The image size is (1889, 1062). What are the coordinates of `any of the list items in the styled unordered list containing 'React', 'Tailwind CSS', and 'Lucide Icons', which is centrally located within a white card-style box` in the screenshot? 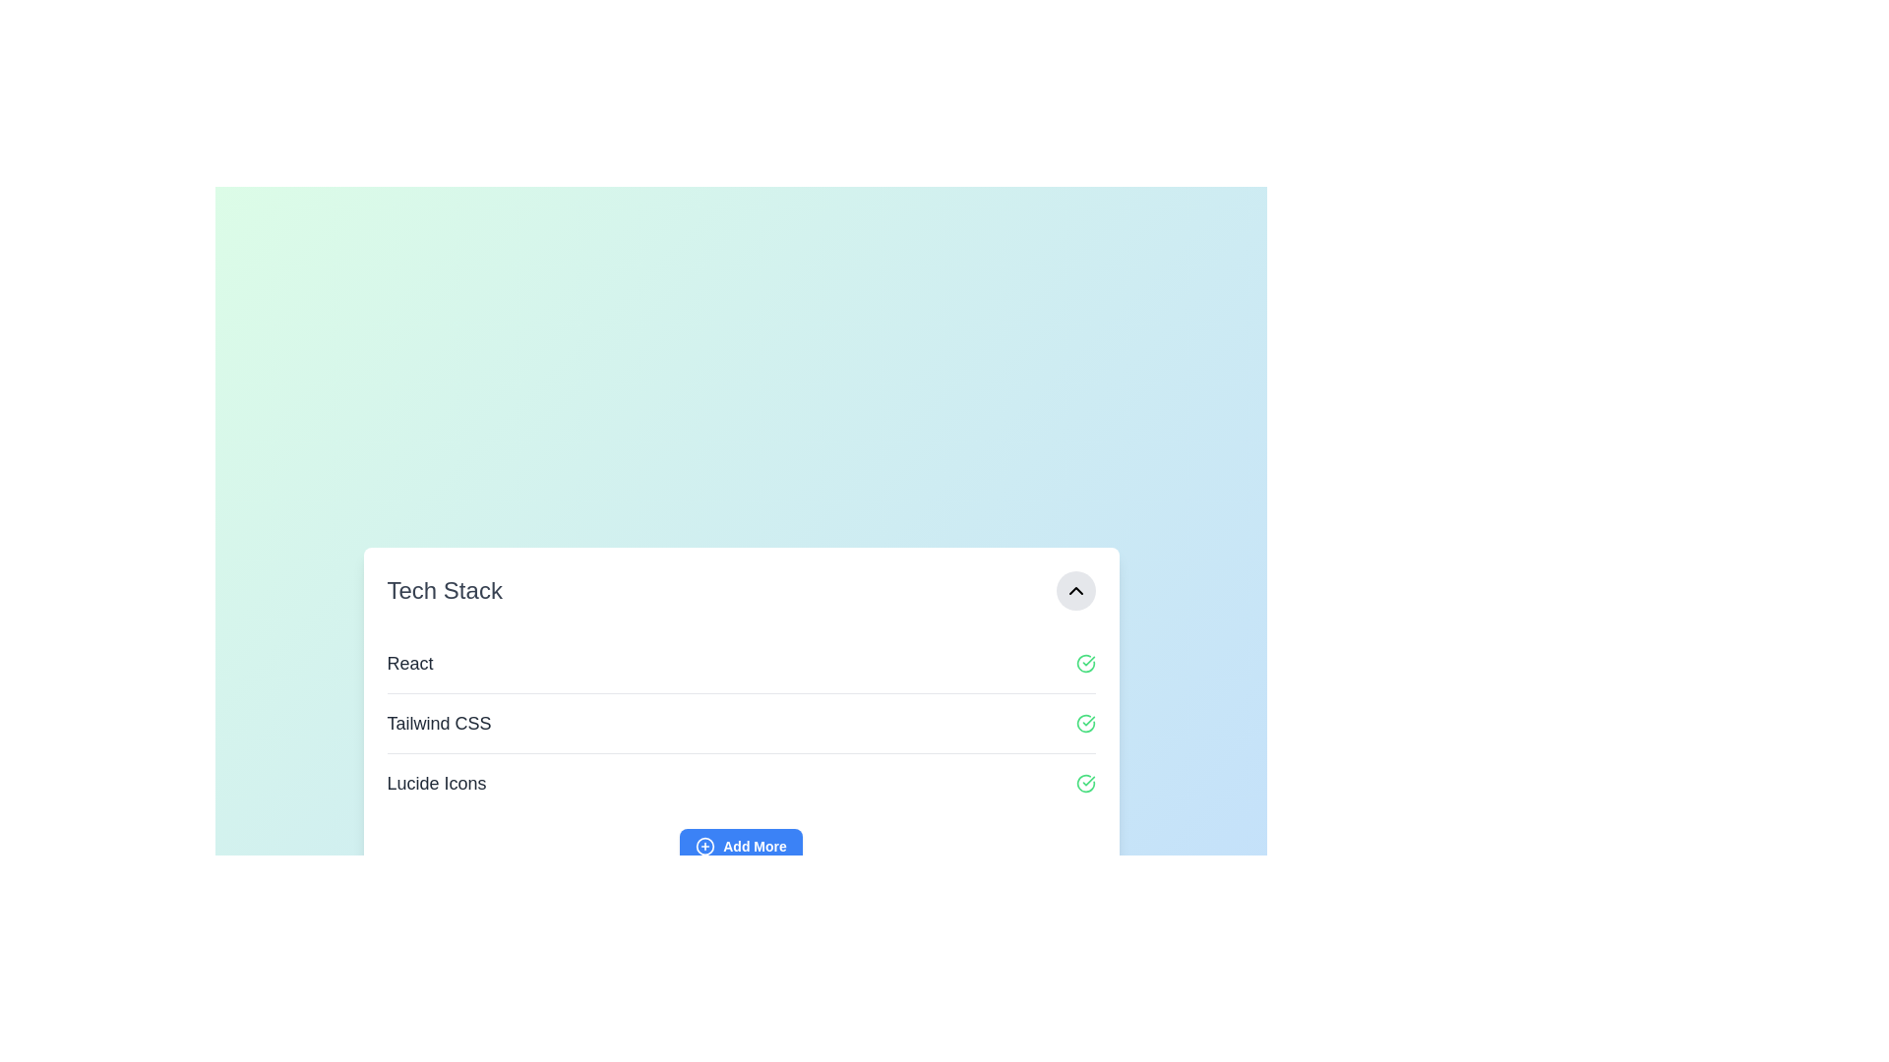 It's located at (740, 724).